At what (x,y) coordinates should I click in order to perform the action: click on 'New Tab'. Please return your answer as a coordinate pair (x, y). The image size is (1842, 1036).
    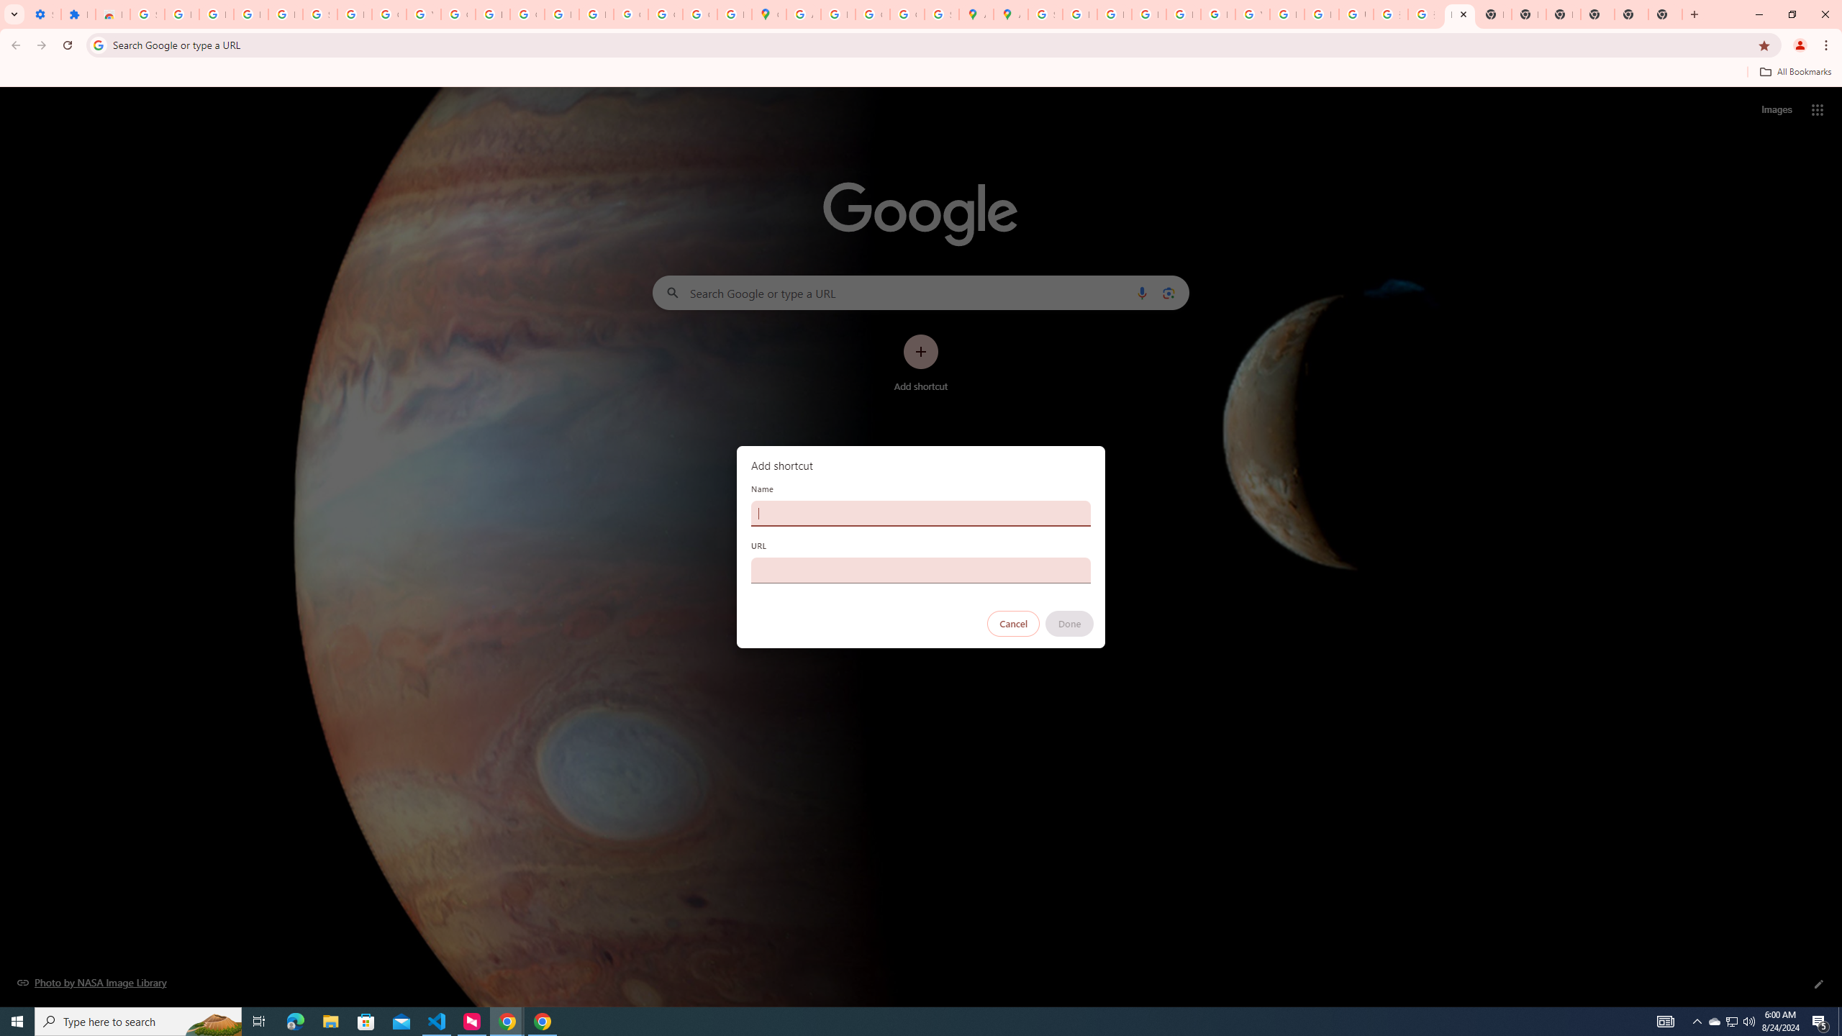
    Looking at the image, I should click on (1665, 14).